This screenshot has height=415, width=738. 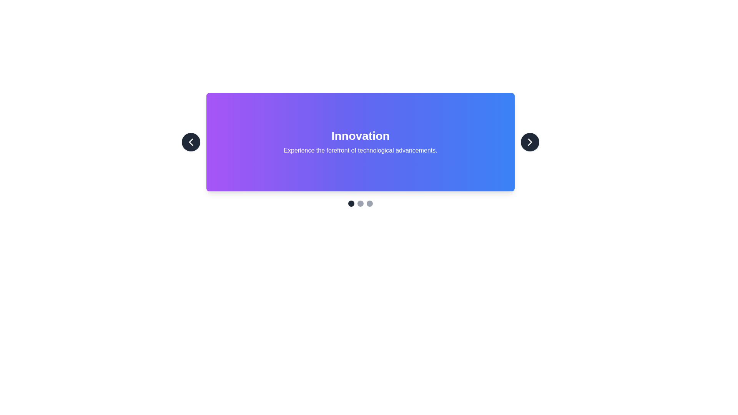 What do you see at coordinates (351, 203) in the screenshot?
I see `the first circular indicator of the carousel interface, which is part of a horizontal group of three indicators` at bounding box center [351, 203].